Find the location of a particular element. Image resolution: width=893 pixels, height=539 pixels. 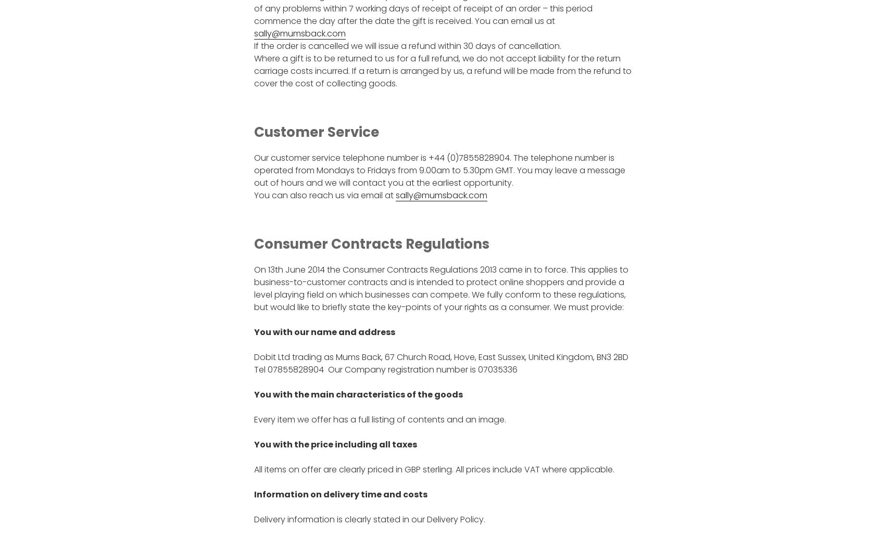

'Delivery information is clearly stated in our Delivery Policy.' is located at coordinates (369, 519).